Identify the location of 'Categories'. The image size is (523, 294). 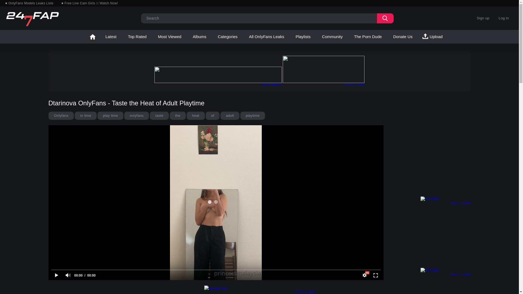
(212, 37).